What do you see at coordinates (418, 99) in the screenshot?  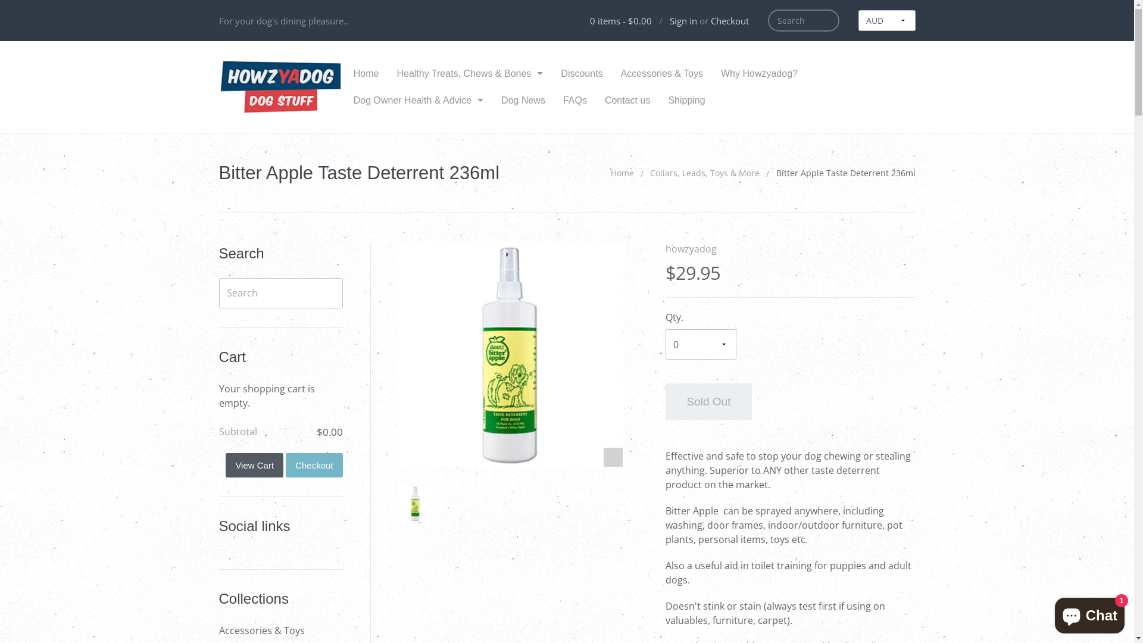 I see `'Dog Owner Health & Advice'` at bounding box center [418, 99].